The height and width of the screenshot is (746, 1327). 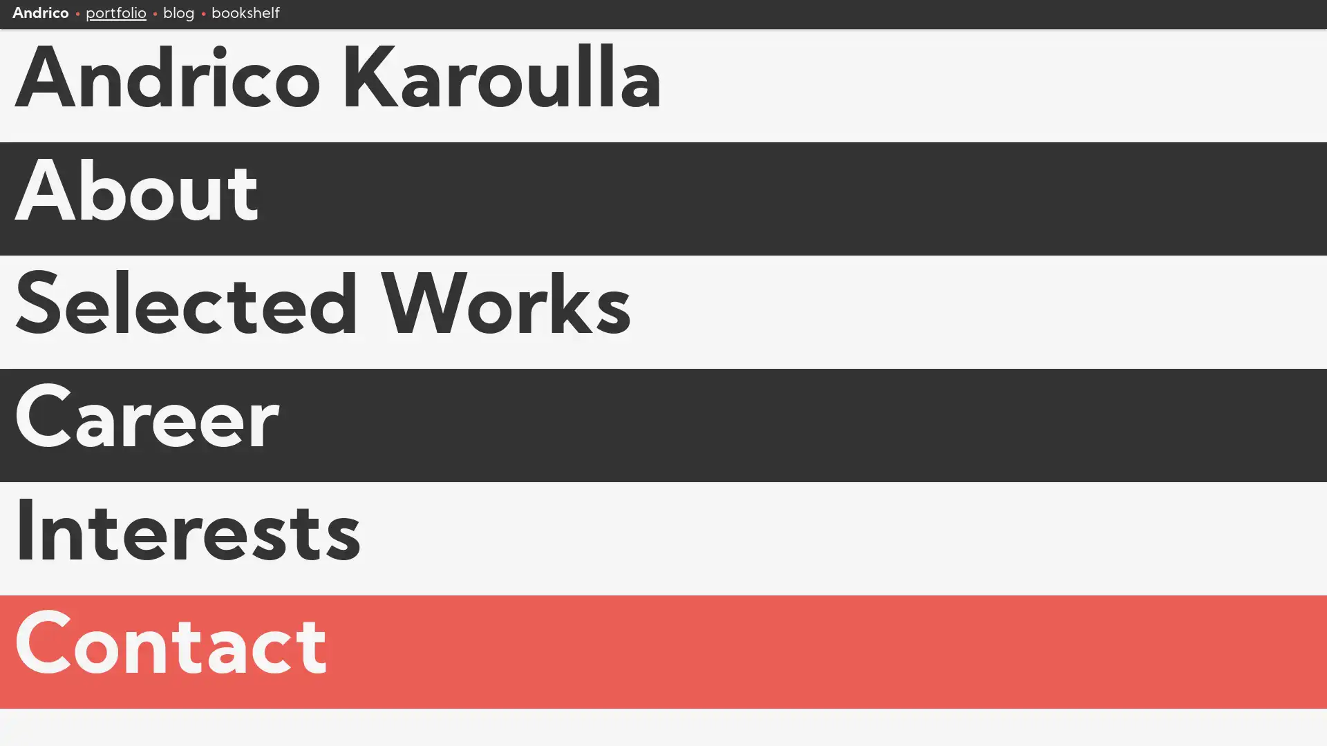 I want to click on Interests, so click(x=619, y=537).